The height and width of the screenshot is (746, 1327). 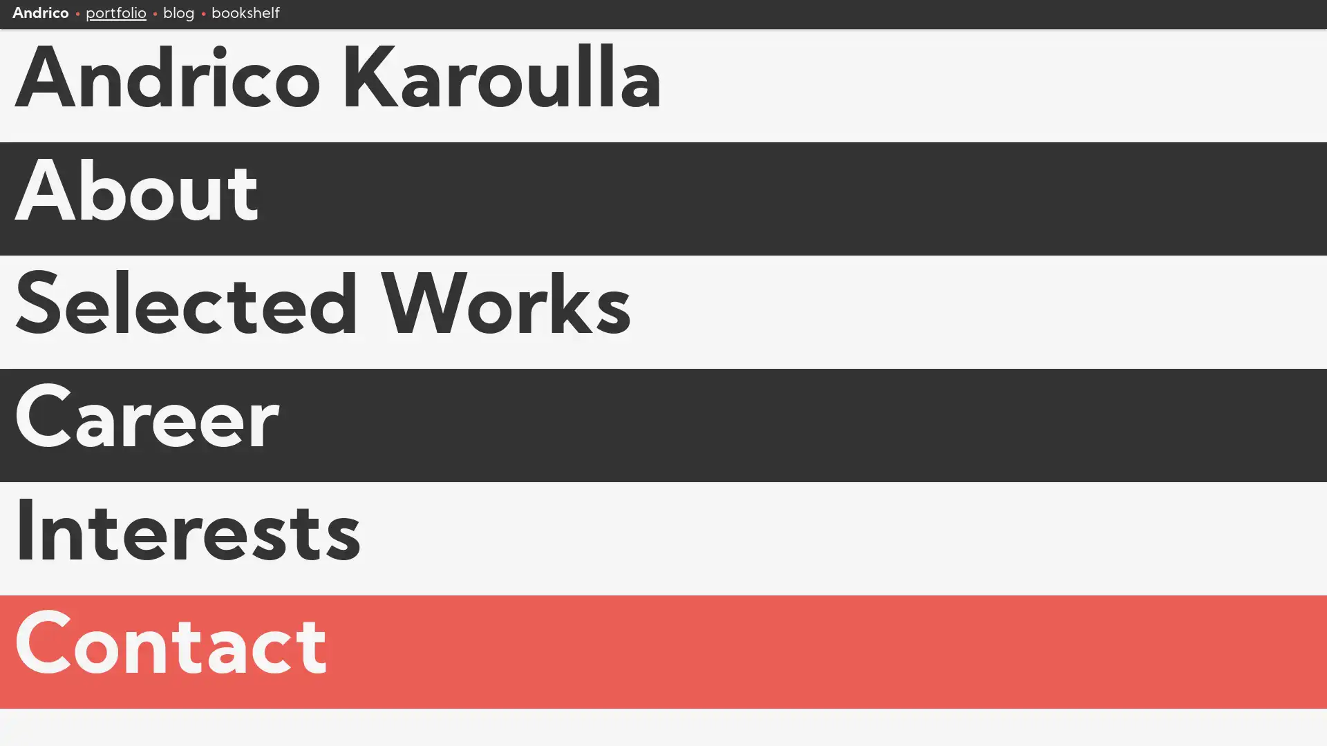 I want to click on Interests, so click(x=619, y=537).